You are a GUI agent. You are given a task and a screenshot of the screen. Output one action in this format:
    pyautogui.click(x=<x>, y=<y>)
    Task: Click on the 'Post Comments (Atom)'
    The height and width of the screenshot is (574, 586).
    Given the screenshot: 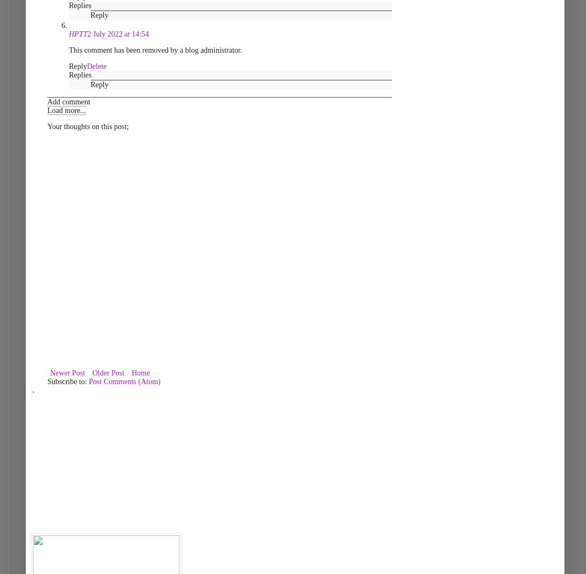 What is the action you would take?
    pyautogui.click(x=124, y=381)
    